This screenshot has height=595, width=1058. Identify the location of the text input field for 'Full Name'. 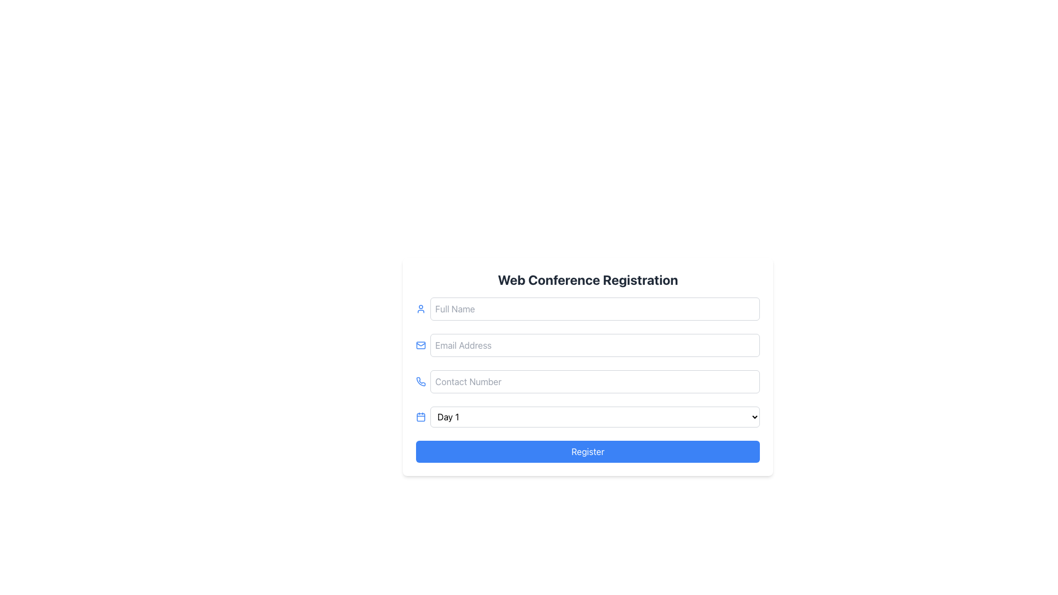
(595, 309).